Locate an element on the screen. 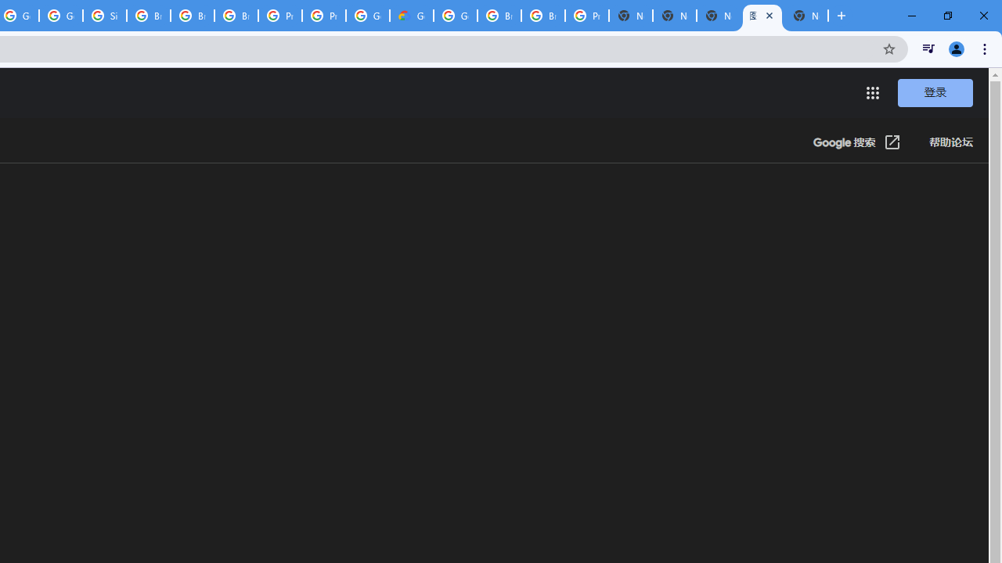  'Browse Chrome as a guest - Computer - Google Chrome Help' is located at coordinates (191, 16).